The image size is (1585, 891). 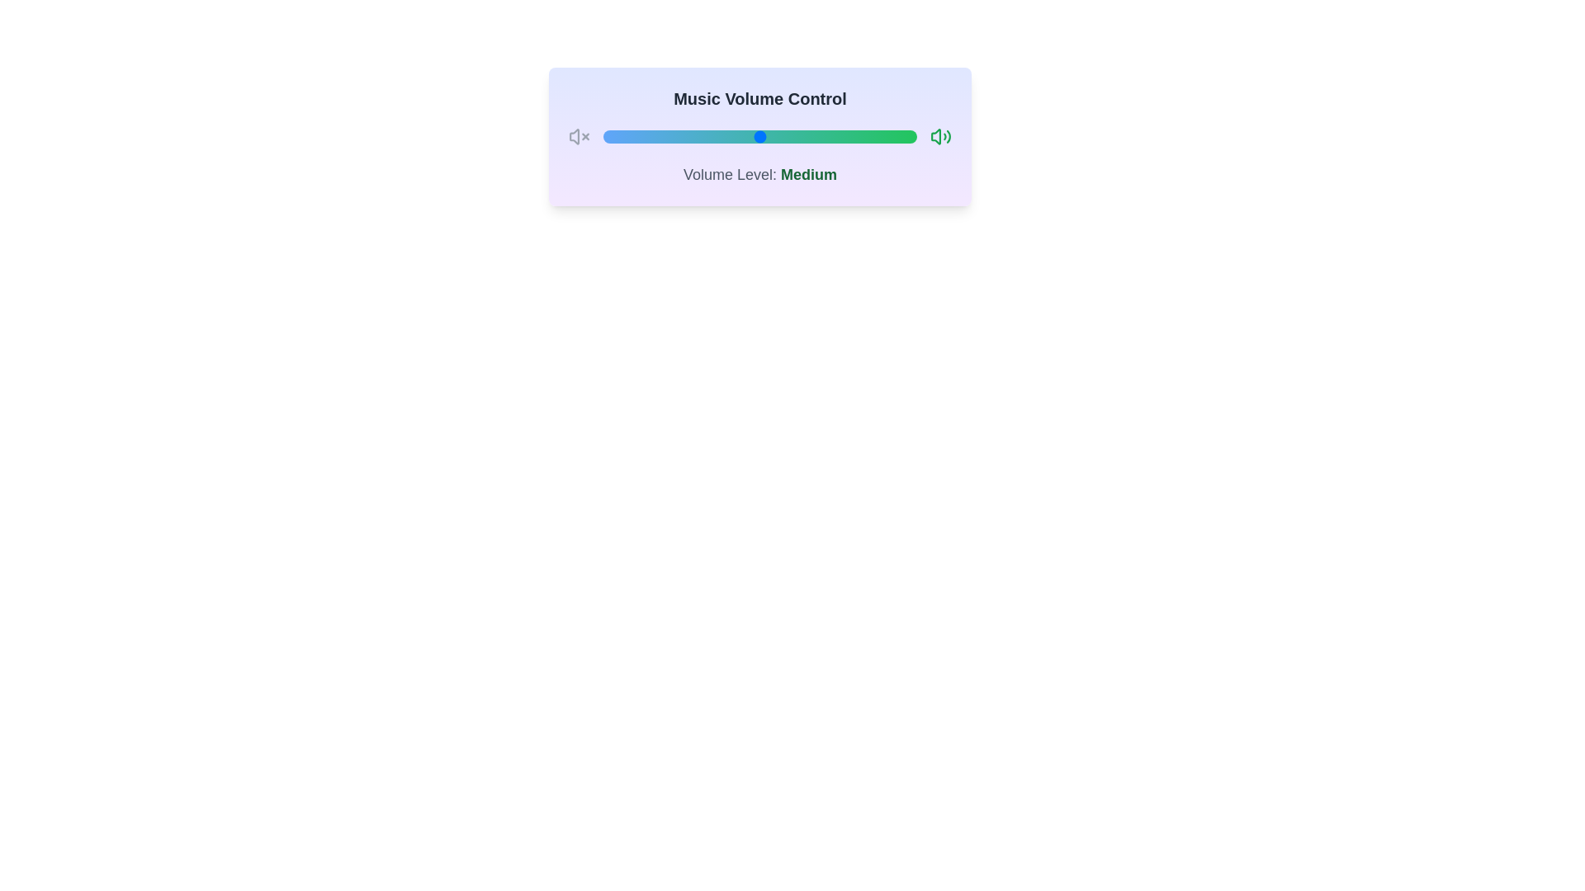 I want to click on the volume to 80 by interacting with the slider, so click(x=854, y=135).